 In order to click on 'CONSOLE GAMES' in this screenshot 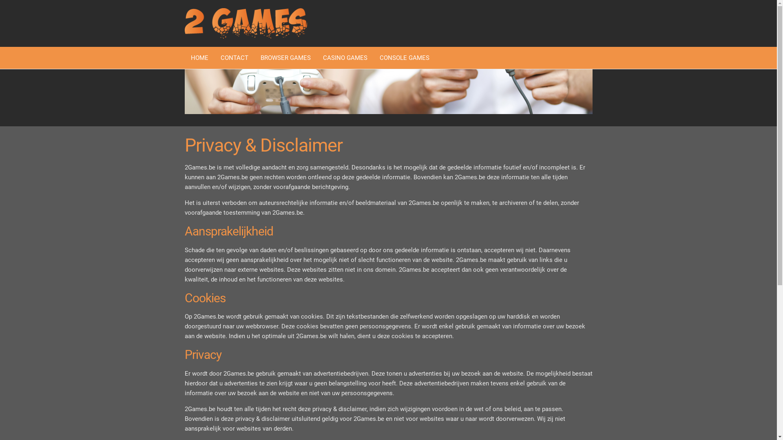, I will do `click(405, 57)`.